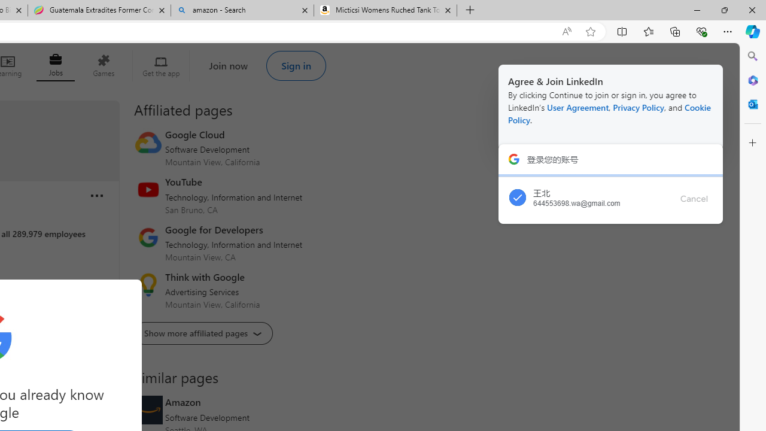 The image size is (766, 431). I want to click on 'amazon - Search', so click(241, 10).